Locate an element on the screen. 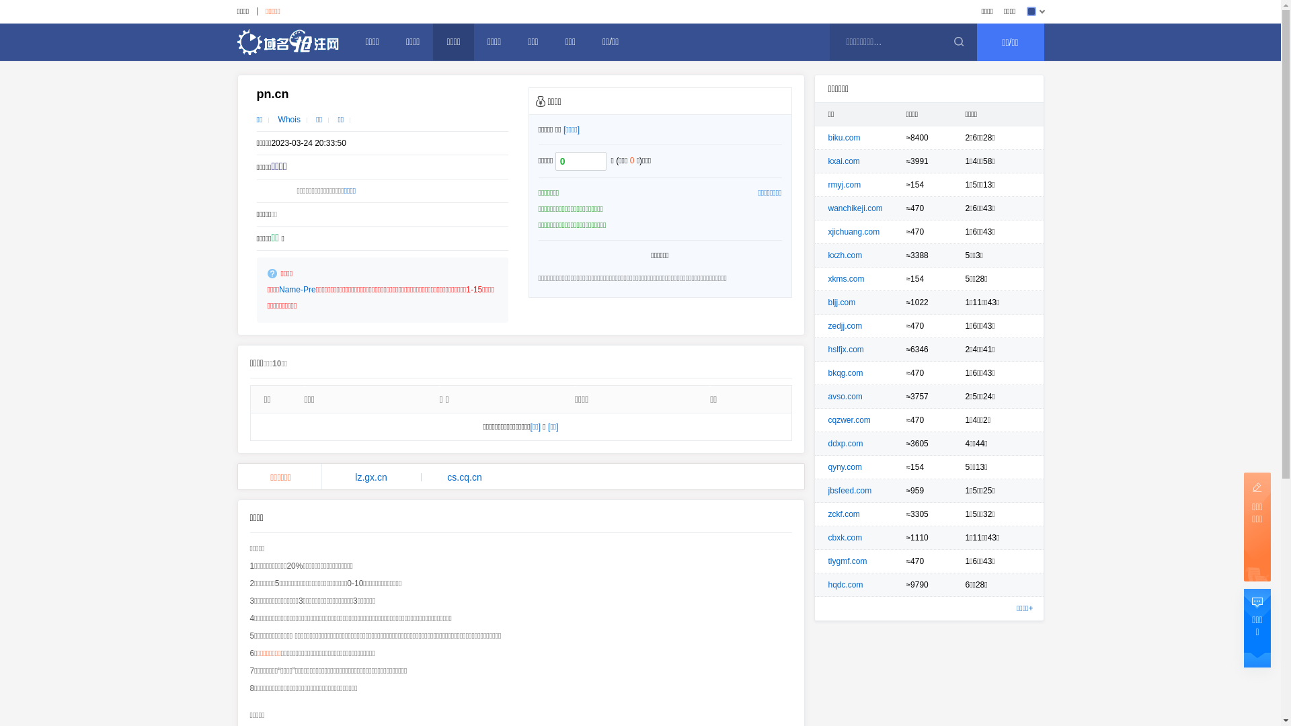 Image resolution: width=1291 pixels, height=726 pixels. 'kxai.com' is located at coordinates (843, 160).